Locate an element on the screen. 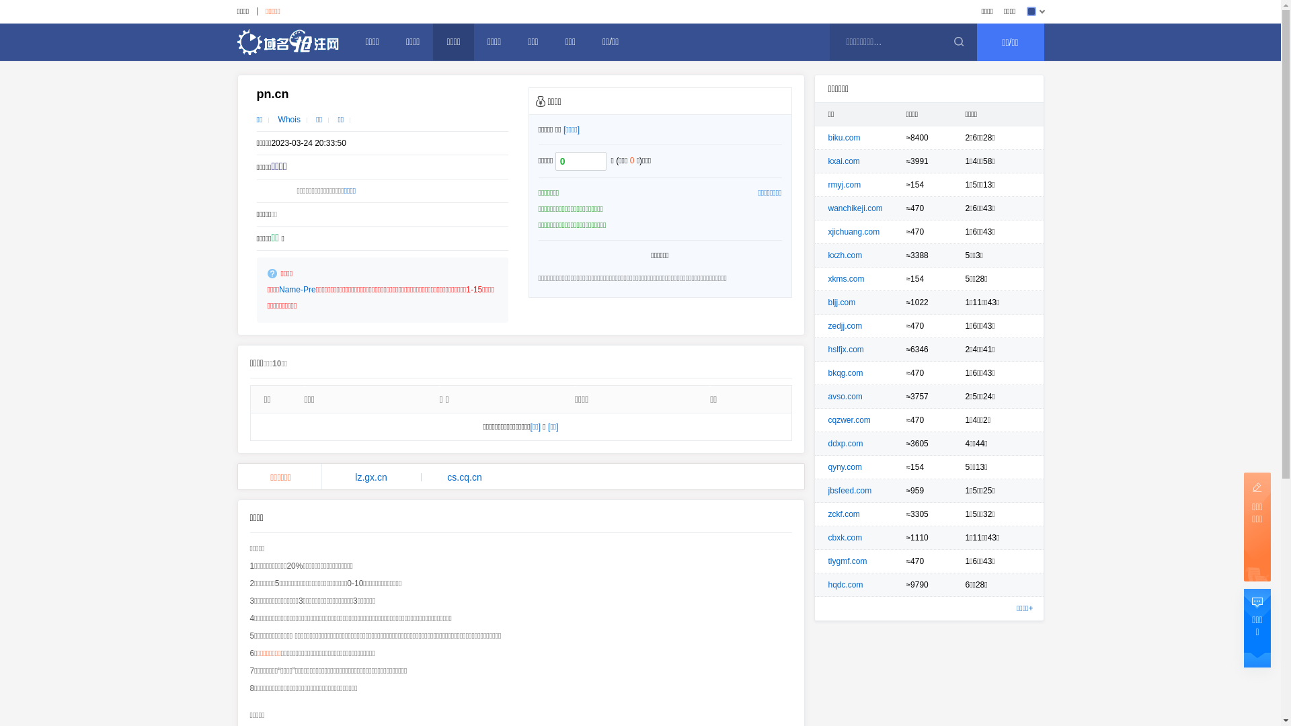 Image resolution: width=1291 pixels, height=726 pixels. 'kxai.com' is located at coordinates (843, 160).